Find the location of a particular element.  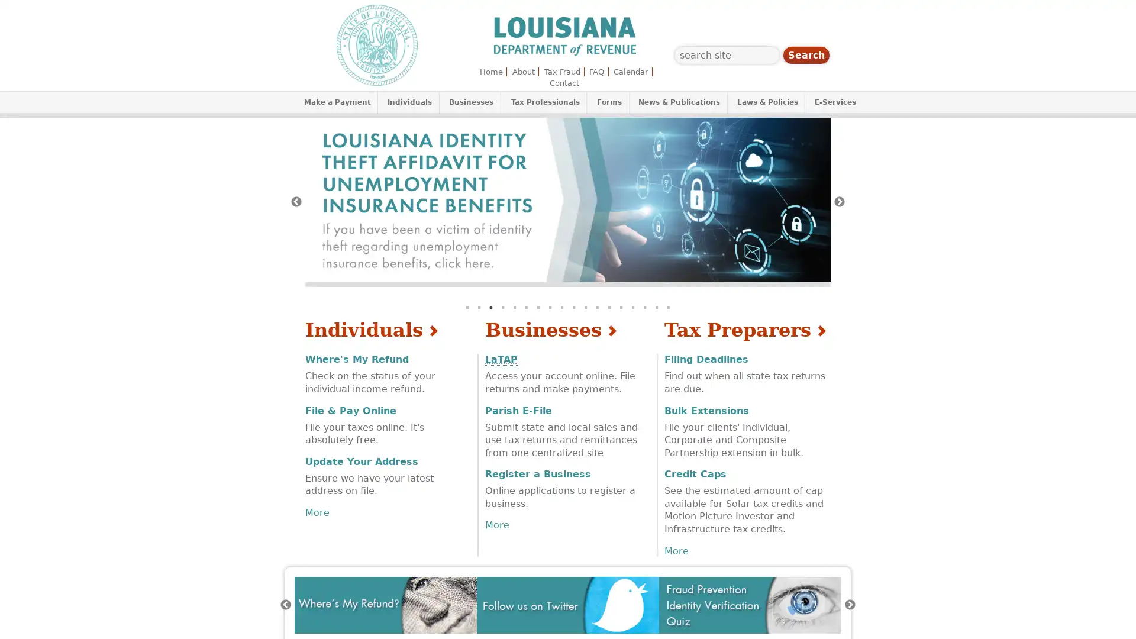

16 is located at coordinates (644, 307).